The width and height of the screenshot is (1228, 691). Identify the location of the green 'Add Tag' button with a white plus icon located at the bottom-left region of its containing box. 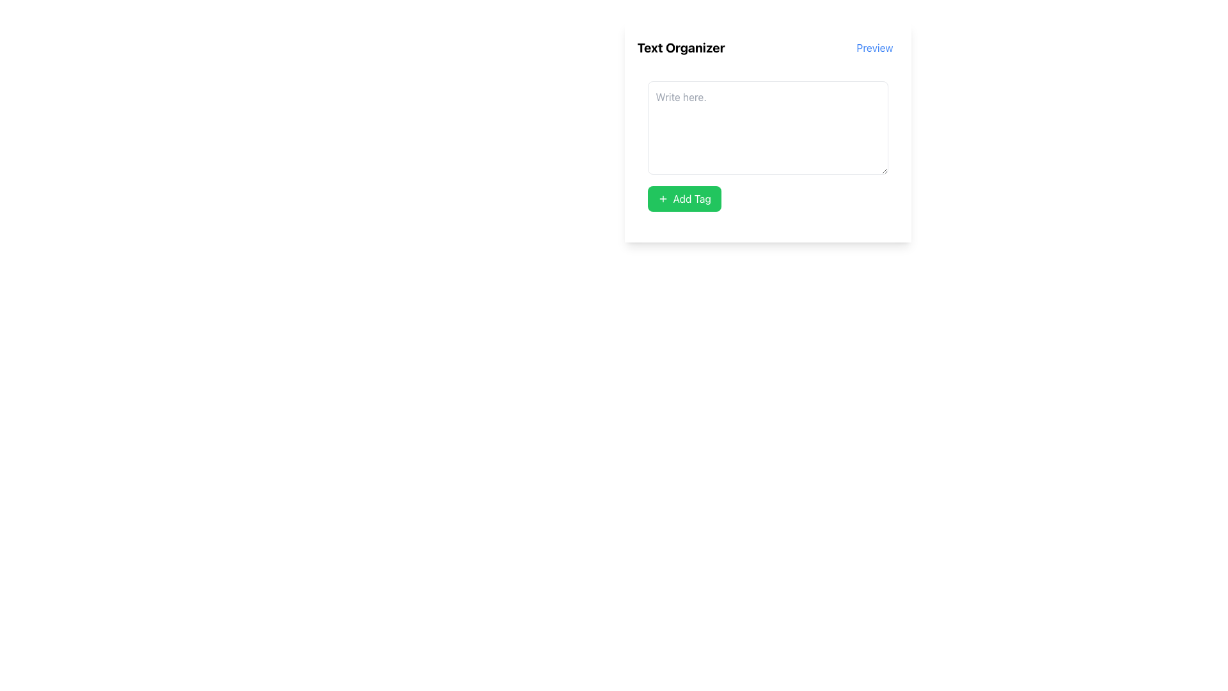
(684, 199).